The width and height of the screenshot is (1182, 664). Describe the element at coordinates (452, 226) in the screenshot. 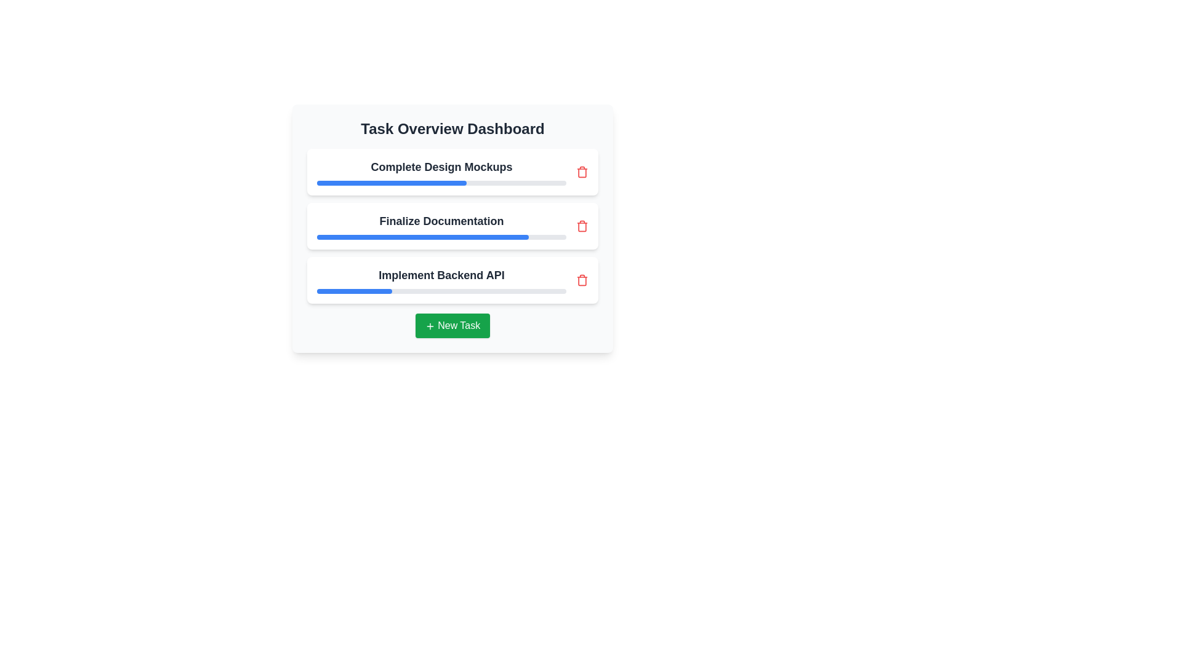

I see `the task titled Finalize Documentation to view its details` at that location.